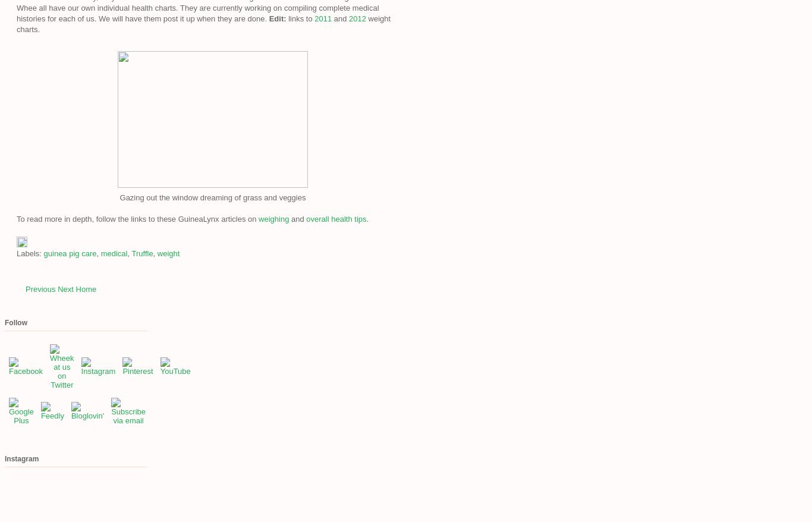 The image size is (812, 522). Describe the element at coordinates (366, 218) in the screenshot. I see `'.'` at that location.